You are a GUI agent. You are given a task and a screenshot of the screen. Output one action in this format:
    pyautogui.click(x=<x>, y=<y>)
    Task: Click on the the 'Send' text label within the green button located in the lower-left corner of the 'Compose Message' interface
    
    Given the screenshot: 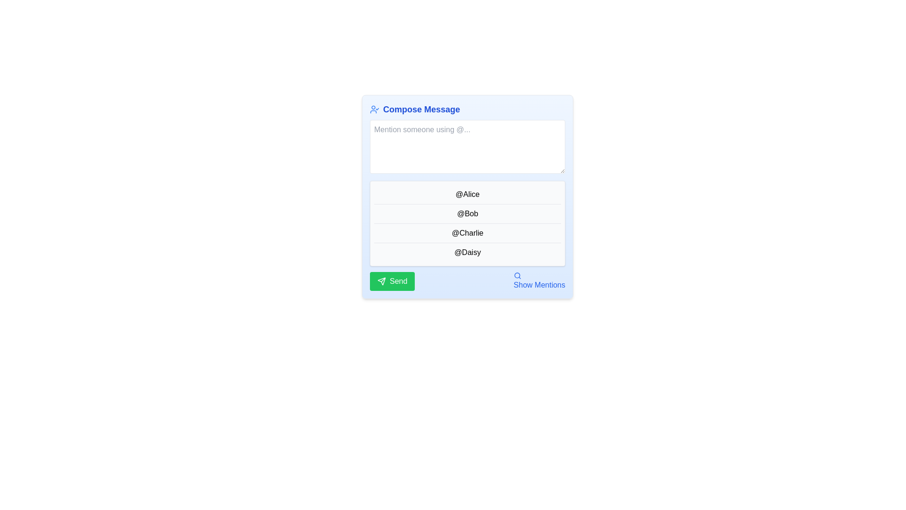 What is the action you would take?
    pyautogui.click(x=398, y=281)
    